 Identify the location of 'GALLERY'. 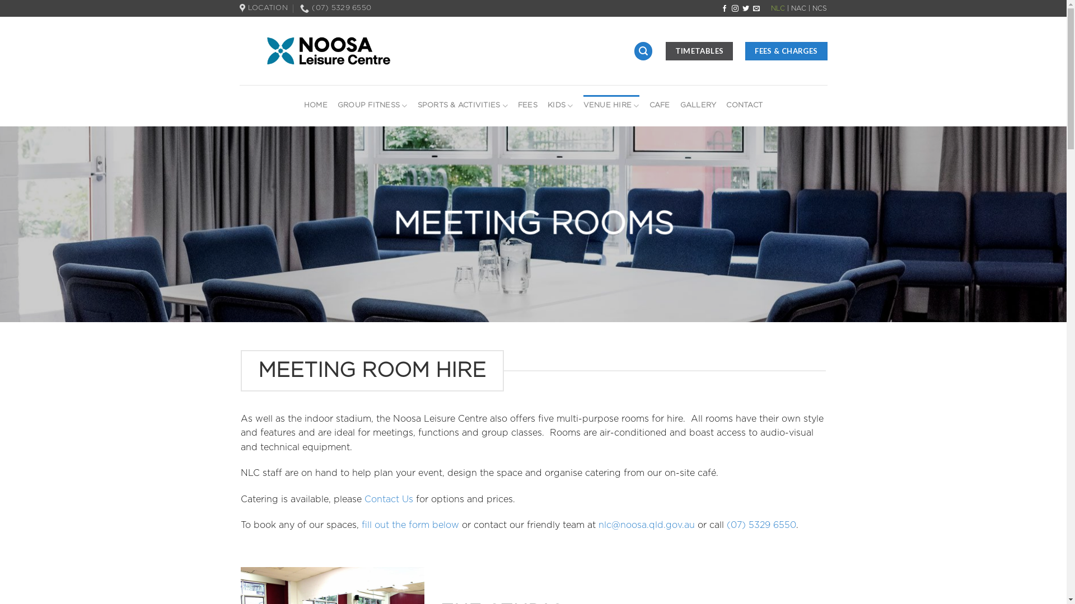
(698, 106).